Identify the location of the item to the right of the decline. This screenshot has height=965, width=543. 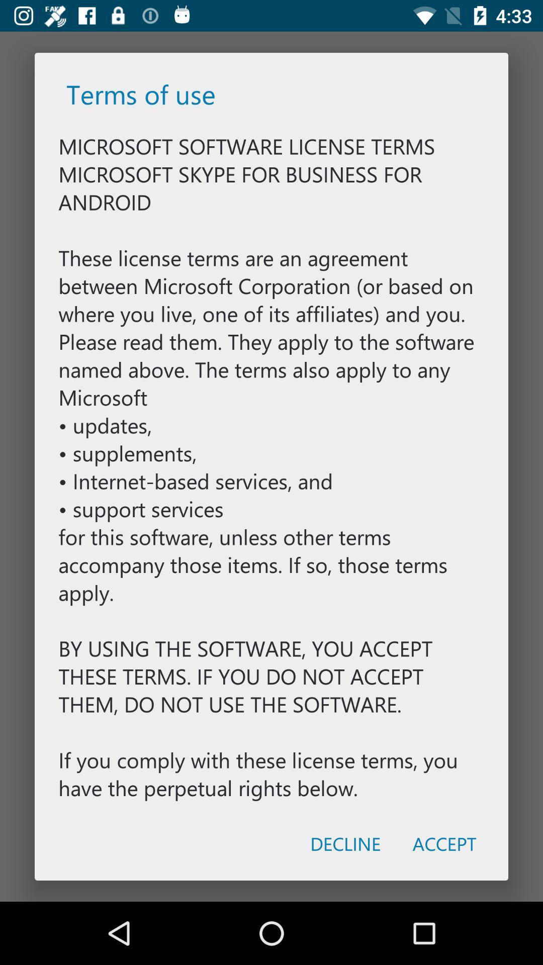
(444, 843).